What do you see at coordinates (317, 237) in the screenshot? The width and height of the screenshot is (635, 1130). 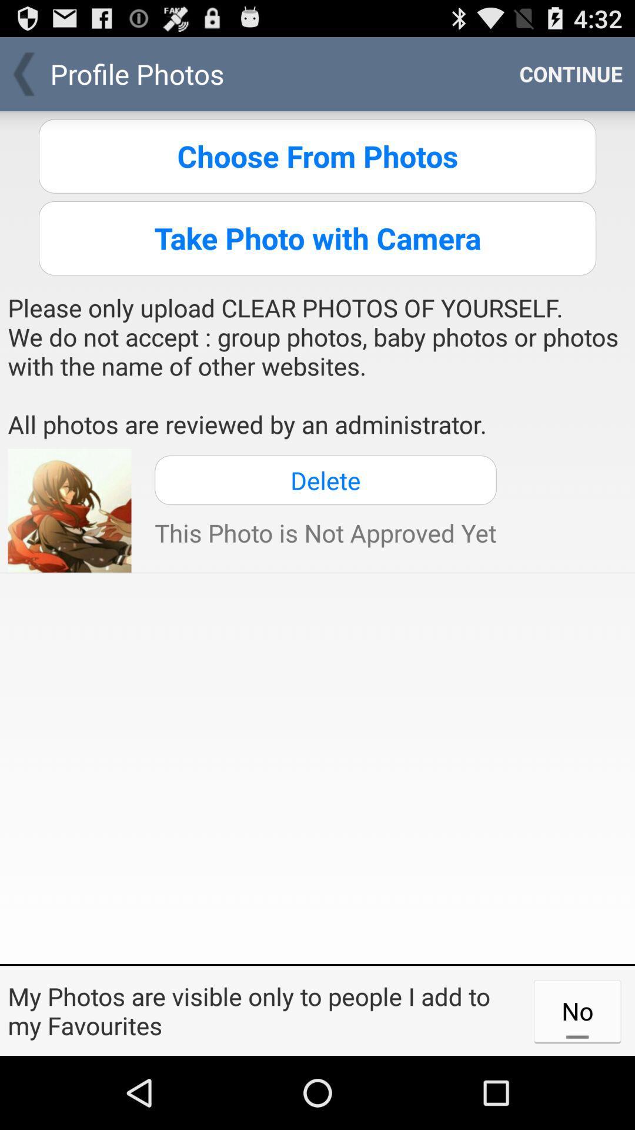 I see `the text take photo with camera` at bounding box center [317, 237].